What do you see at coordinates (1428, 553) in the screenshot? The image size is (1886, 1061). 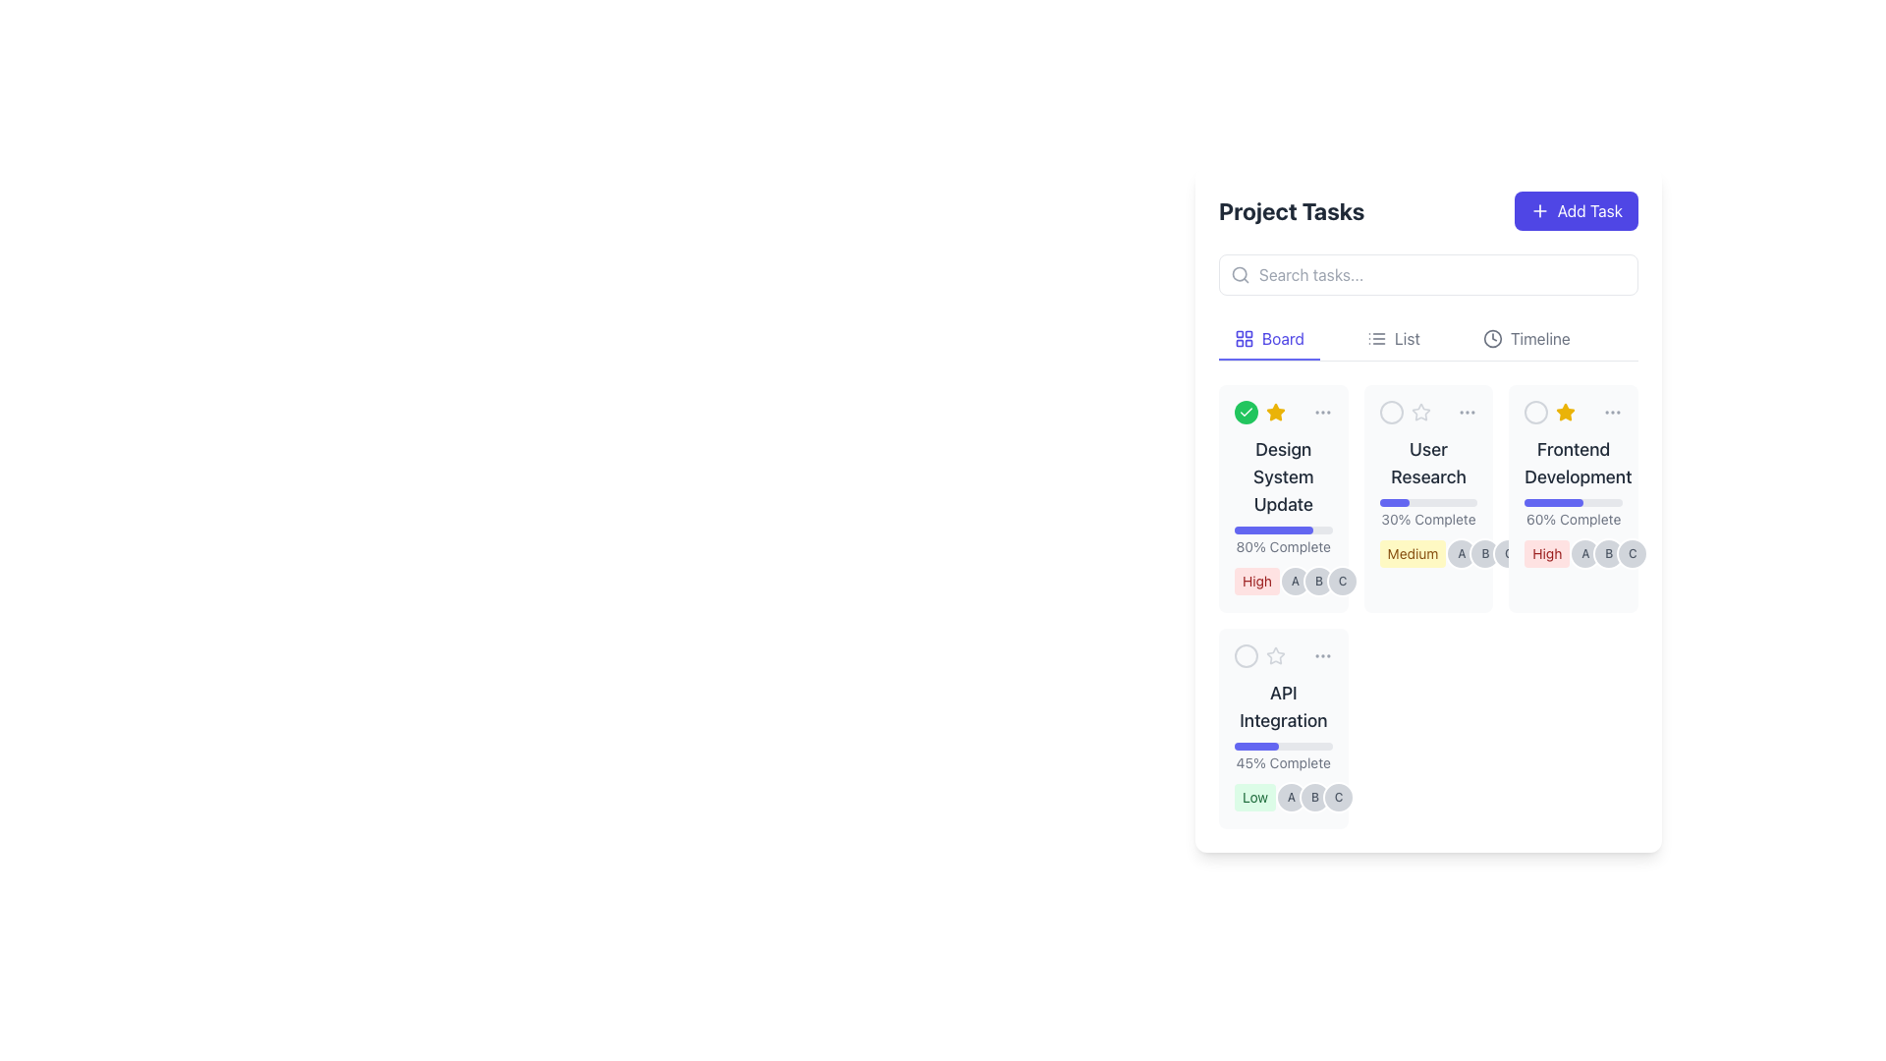 I see `the 'Medium' priority label located at the bottom-left of the 'User Research' task card in the 'Project Tasks' section` at bounding box center [1428, 553].